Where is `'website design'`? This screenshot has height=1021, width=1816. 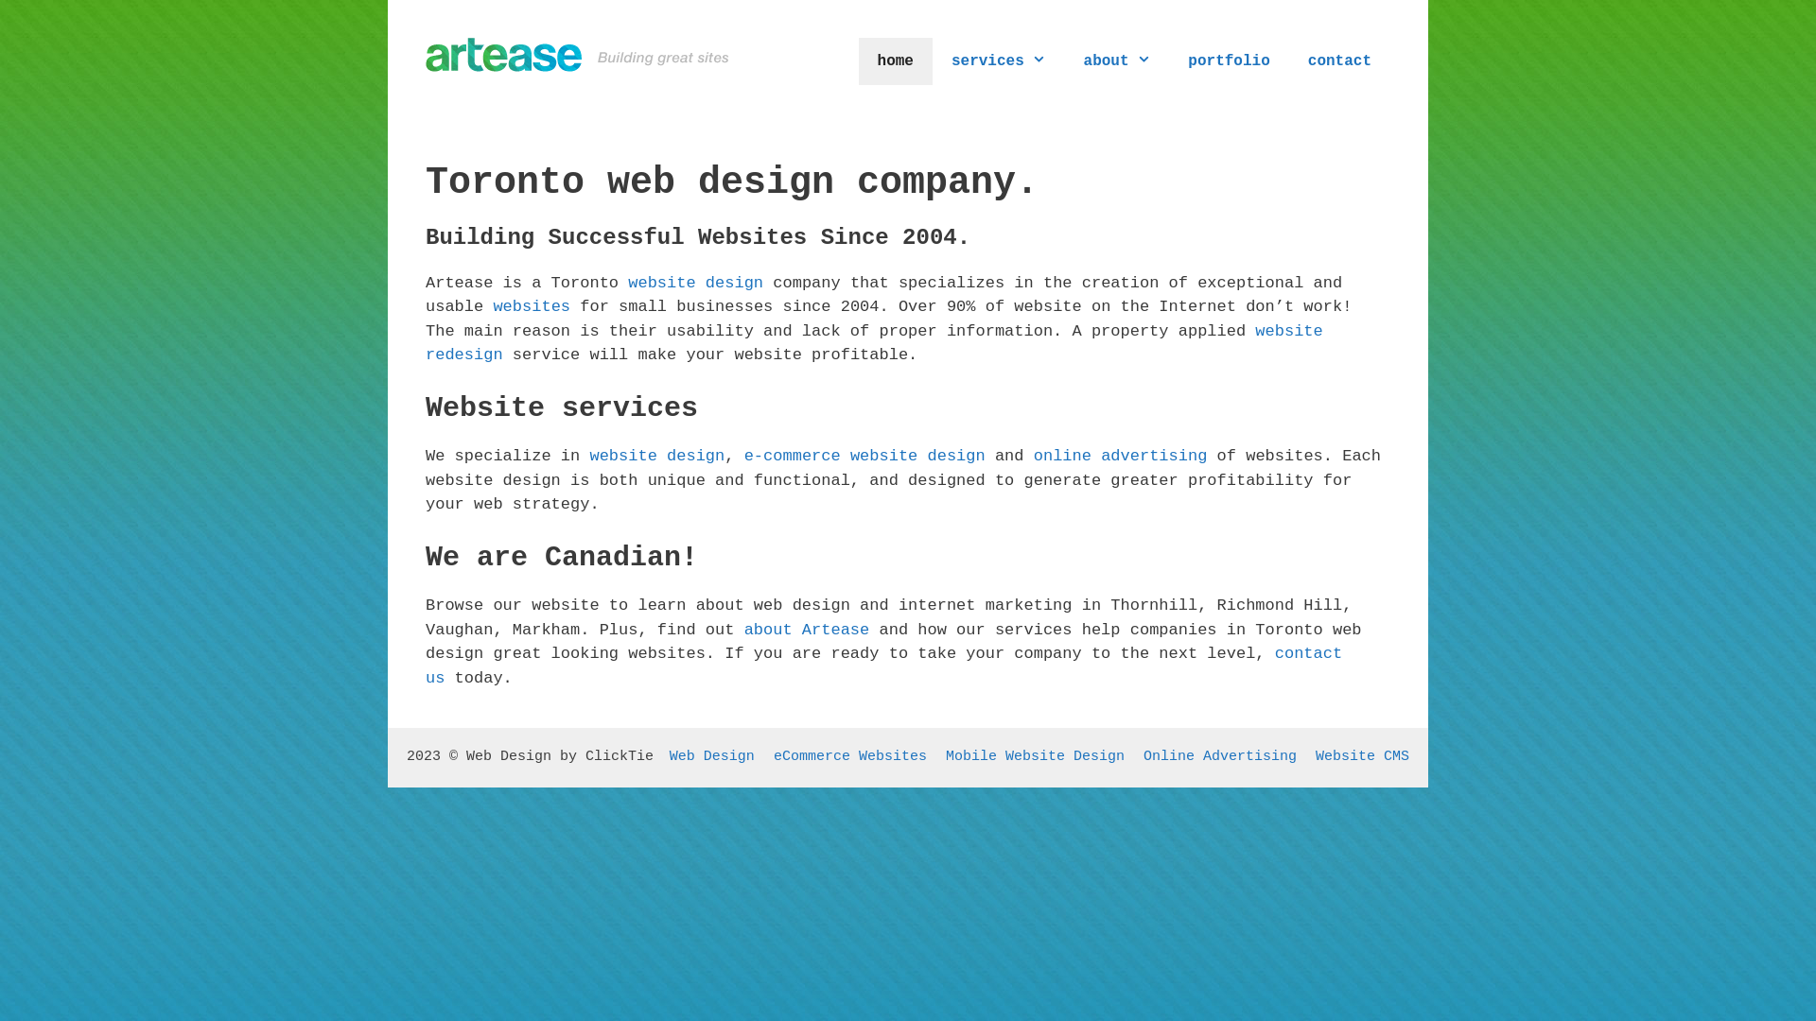
'website design' is located at coordinates (694, 283).